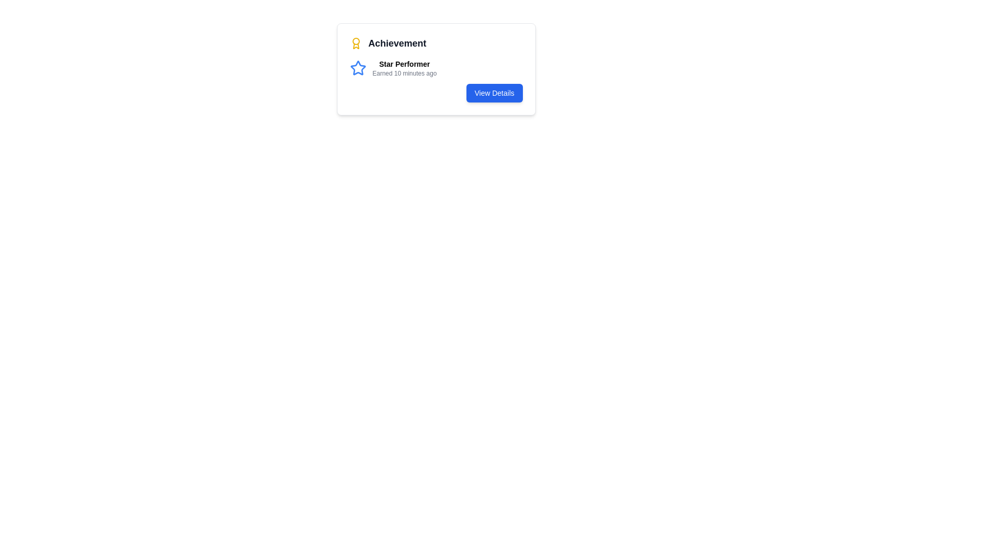 The height and width of the screenshot is (559, 994). I want to click on the Informational Label displaying 'Star Performer' with a star icon and accompanying text 'Earned 10 minutes ago', so click(436, 68).